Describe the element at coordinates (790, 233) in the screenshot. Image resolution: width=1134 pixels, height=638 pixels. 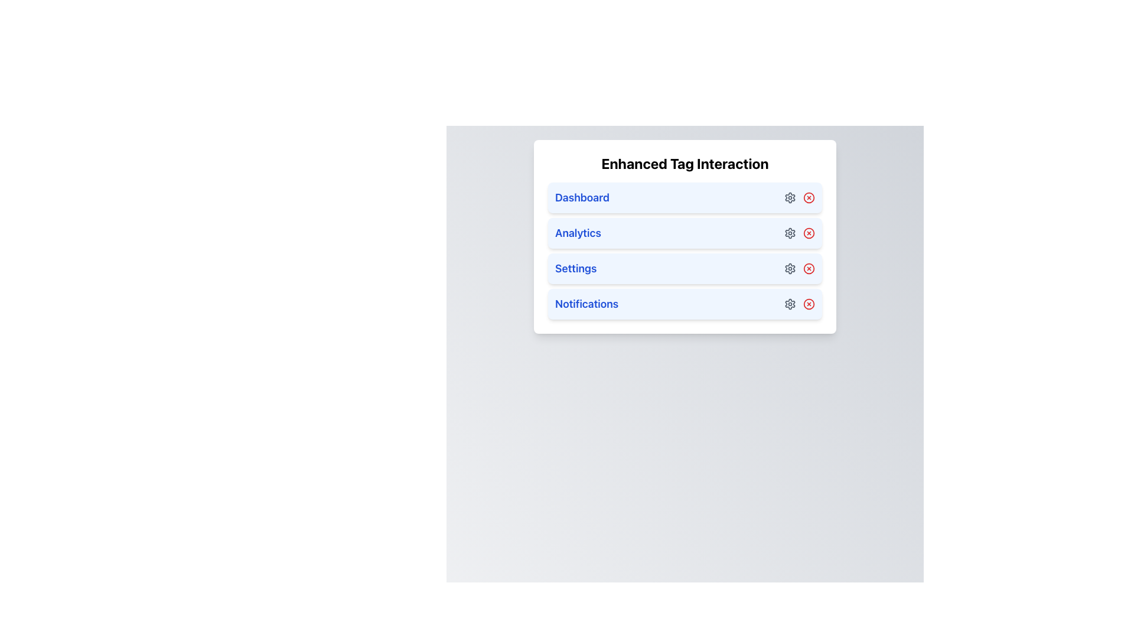
I see `the gear icon located beside the 'Analytics' text in the second row` at that location.